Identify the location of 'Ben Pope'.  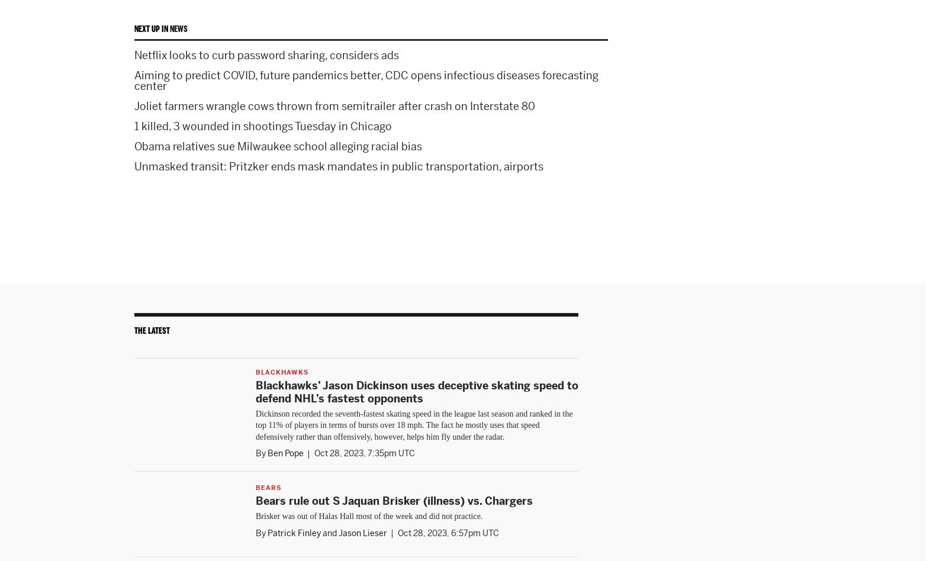
(285, 453).